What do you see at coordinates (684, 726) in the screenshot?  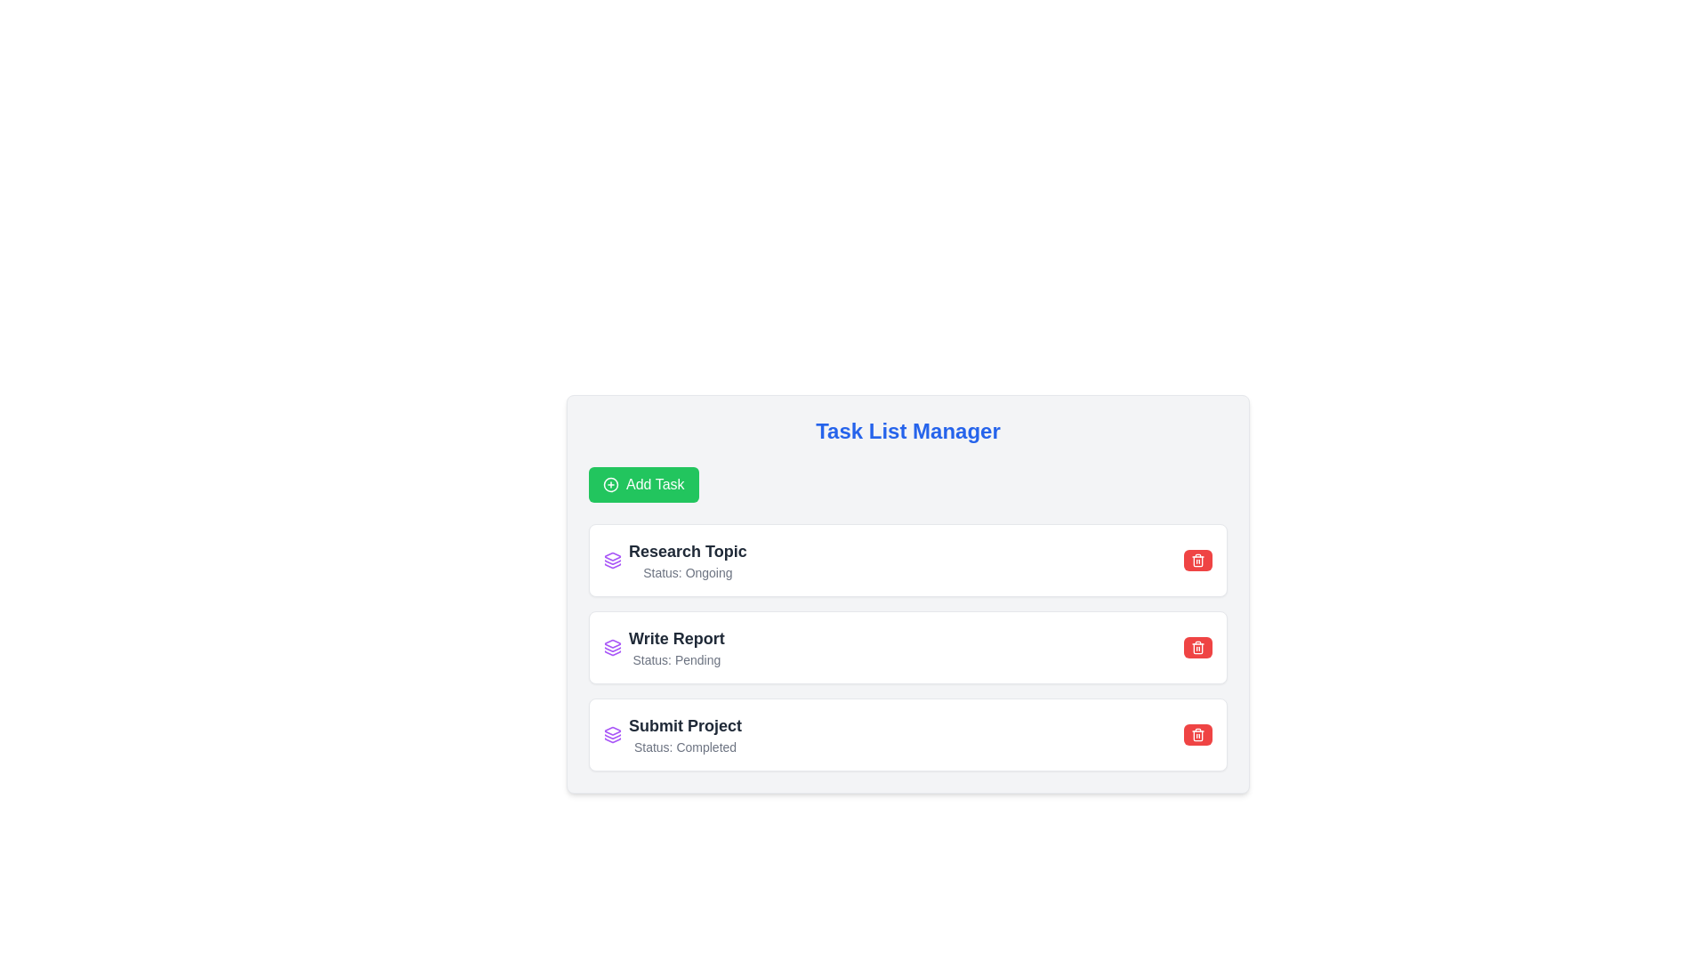 I see `the 'Submit Project' text label, which is a bold, larger font styled label located at the bottom of the task summary card` at bounding box center [684, 726].